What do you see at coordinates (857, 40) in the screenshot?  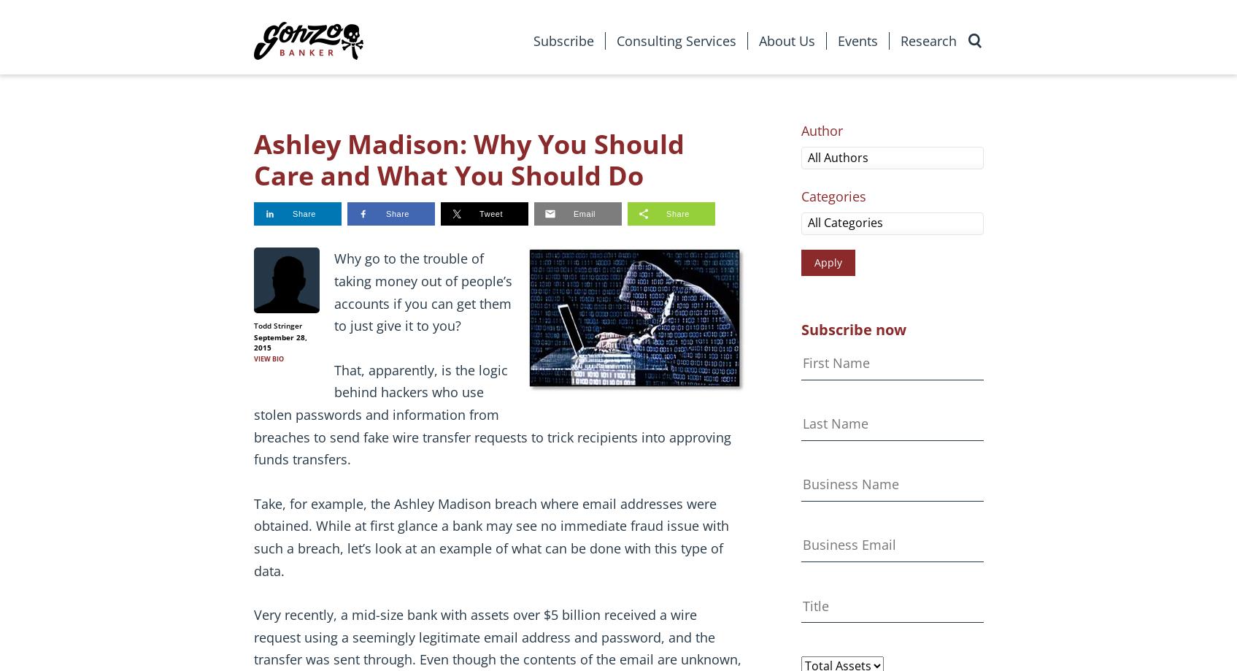 I see `'Events'` at bounding box center [857, 40].